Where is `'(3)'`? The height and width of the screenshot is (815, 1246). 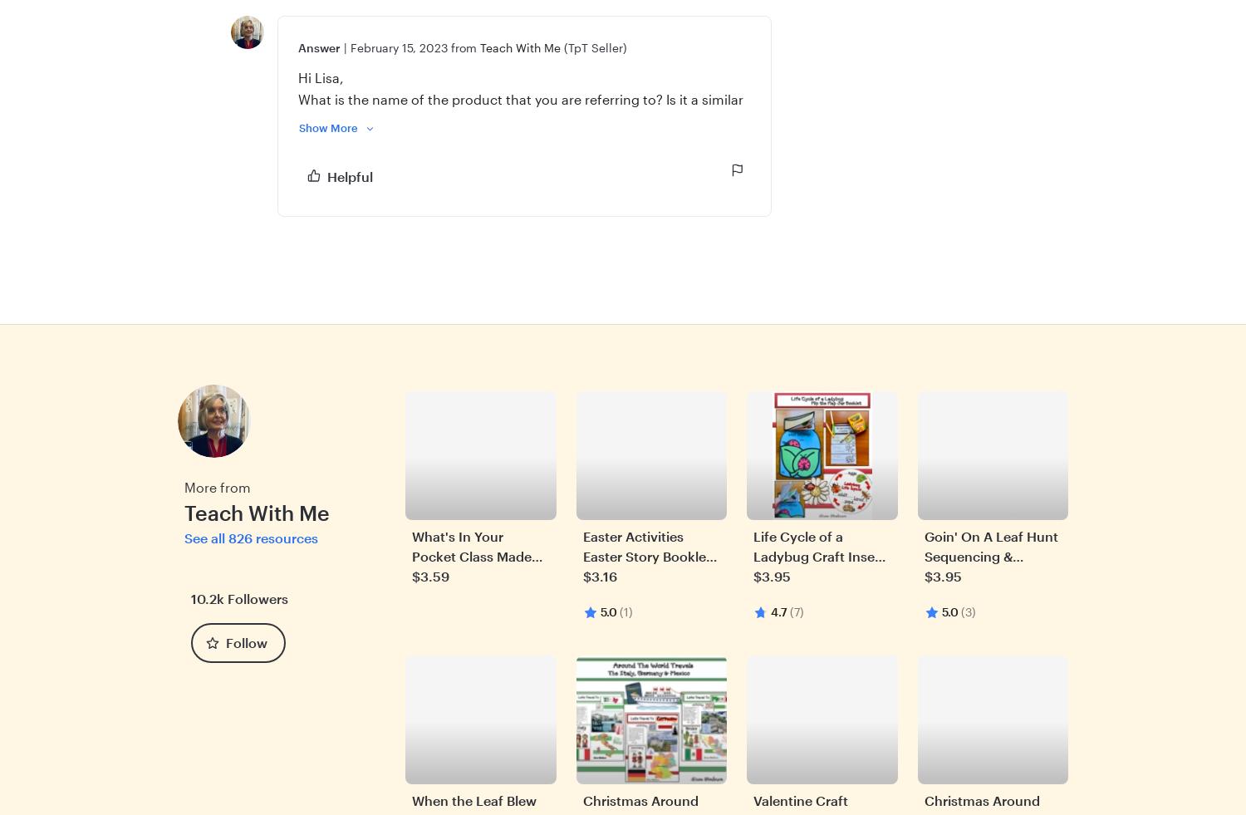 '(3)' is located at coordinates (968, 611).